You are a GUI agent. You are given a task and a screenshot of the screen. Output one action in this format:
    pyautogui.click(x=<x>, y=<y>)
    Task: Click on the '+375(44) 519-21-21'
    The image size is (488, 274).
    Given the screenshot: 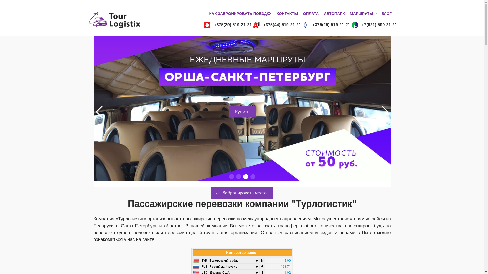 What is the action you would take?
    pyautogui.click(x=277, y=25)
    